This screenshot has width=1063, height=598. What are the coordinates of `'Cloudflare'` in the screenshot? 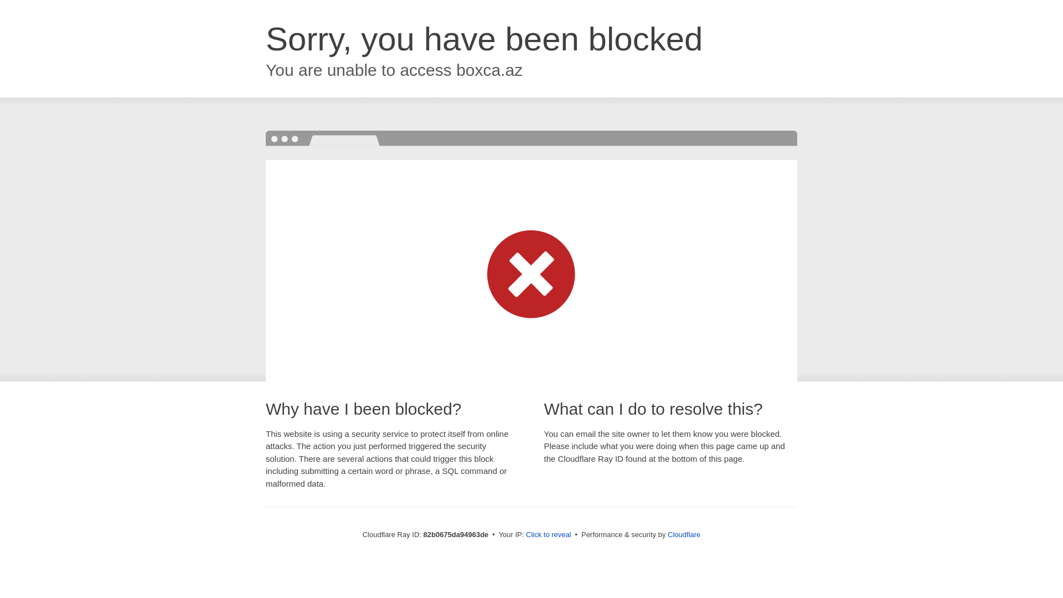 It's located at (683, 534).